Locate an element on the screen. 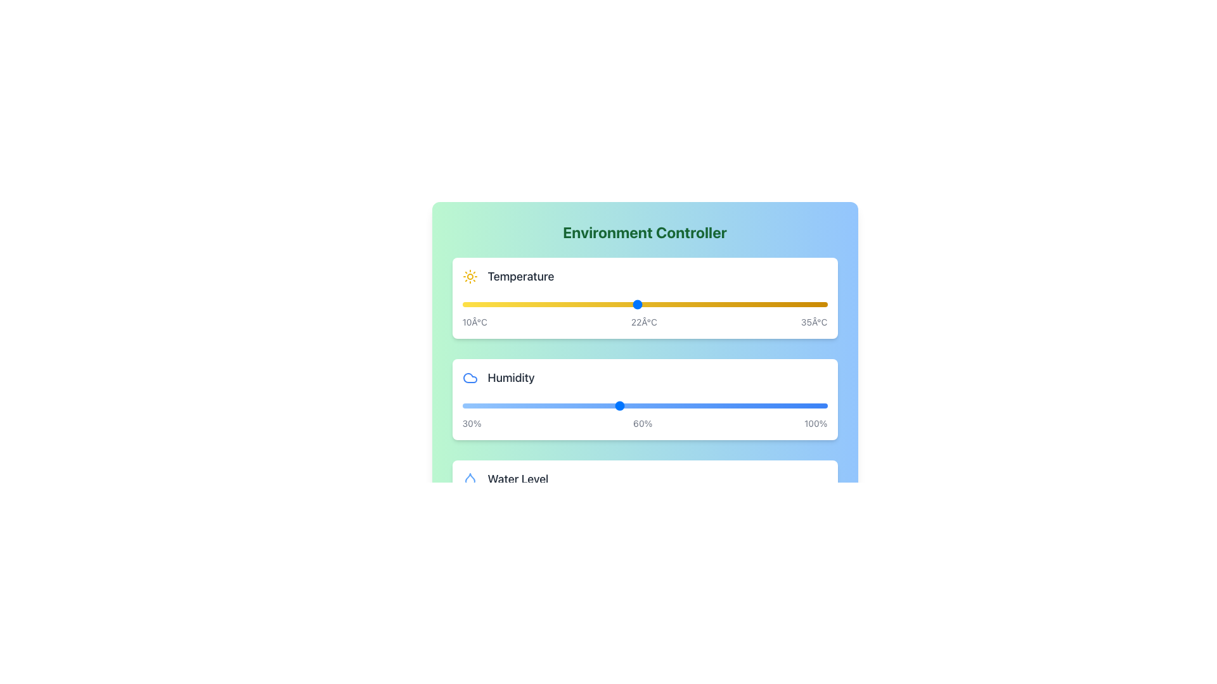  the temperature value labels indicating minimum (10°C), current (22°C), and maximum (35°C) values of the temperature slider is located at coordinates (645, 322).